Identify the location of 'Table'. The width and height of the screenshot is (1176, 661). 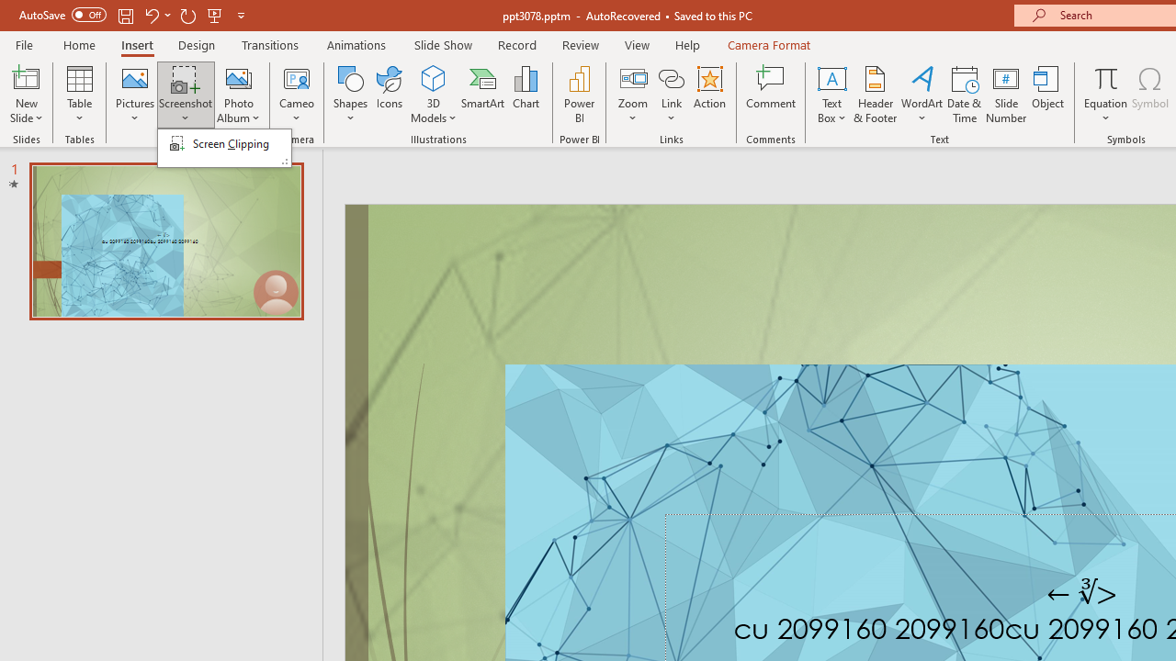
(79, 95).